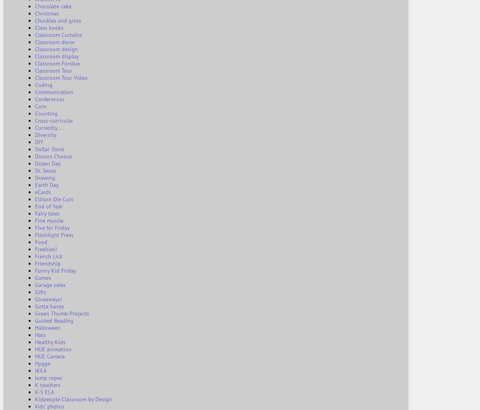  Describe the element at coordinates (47, 384) in the screenshot. I see `'K teachers'` at that location.